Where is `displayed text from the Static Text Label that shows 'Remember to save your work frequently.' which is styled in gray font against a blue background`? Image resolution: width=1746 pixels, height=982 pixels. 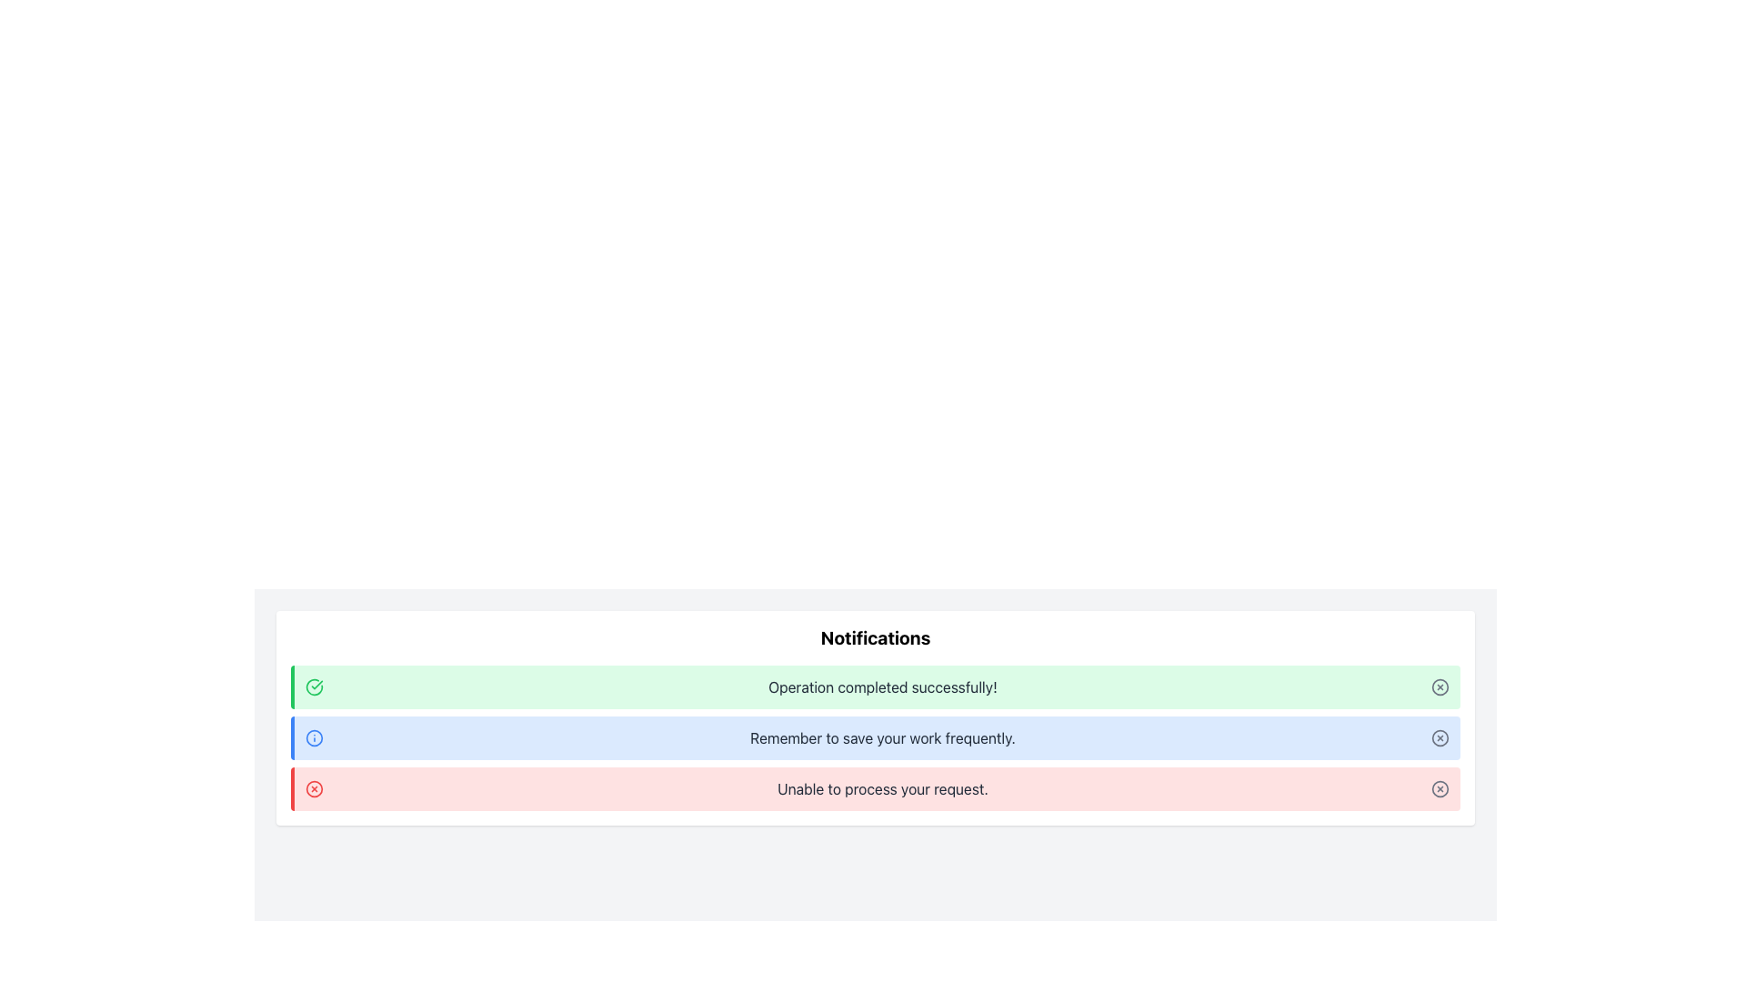
displayed text from the Static Text Label that shows 'Remember to save your work frequently.' which is styled in gray font against a blue background is located at coordinates (882, 738).